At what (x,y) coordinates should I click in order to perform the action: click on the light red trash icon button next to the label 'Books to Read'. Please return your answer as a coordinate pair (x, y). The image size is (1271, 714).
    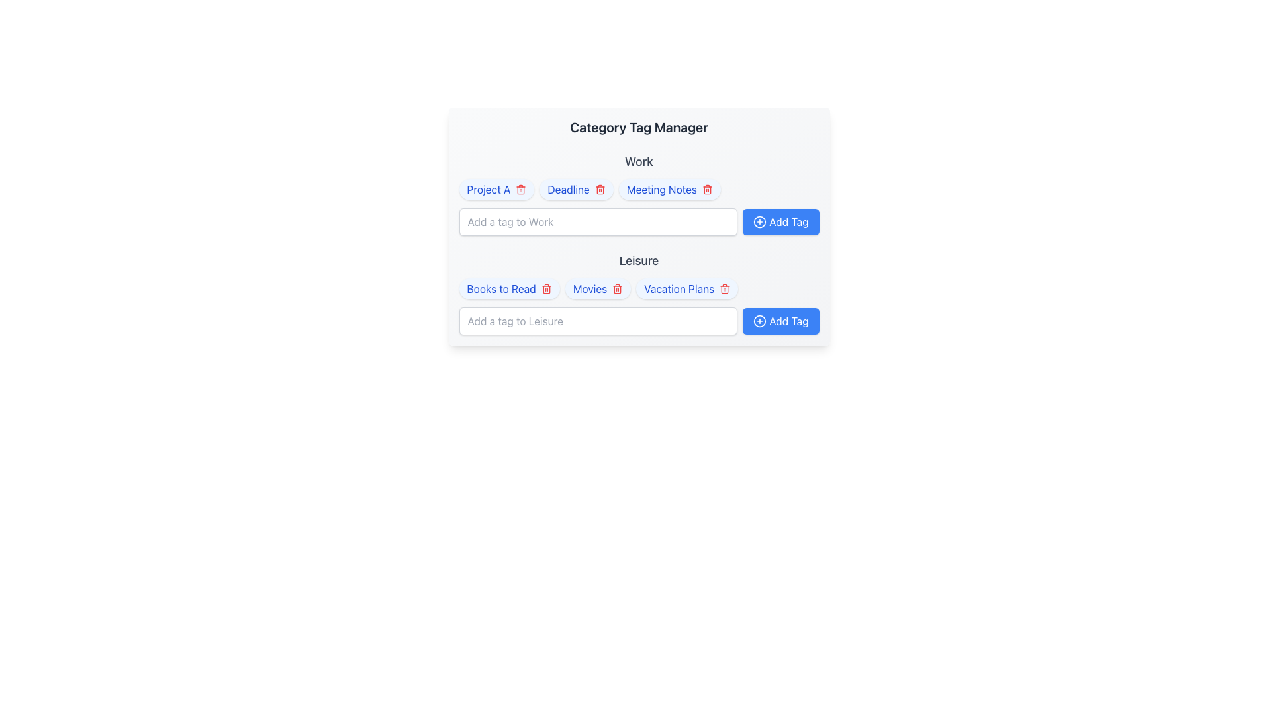
    Looking at the image, I should click on (546, 288).